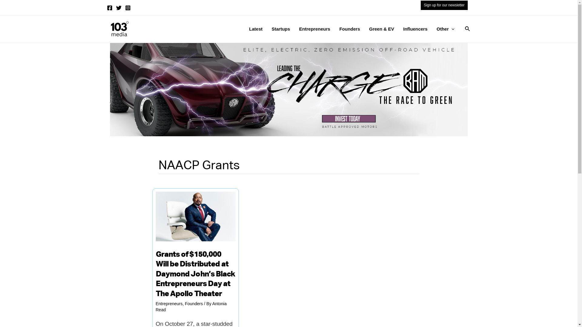 The width and height of the screenshot is (582, 327). What do you see at coordinates (467, 29) in the screenshot?
I see `'Search'` at bounding box center [467, 29].